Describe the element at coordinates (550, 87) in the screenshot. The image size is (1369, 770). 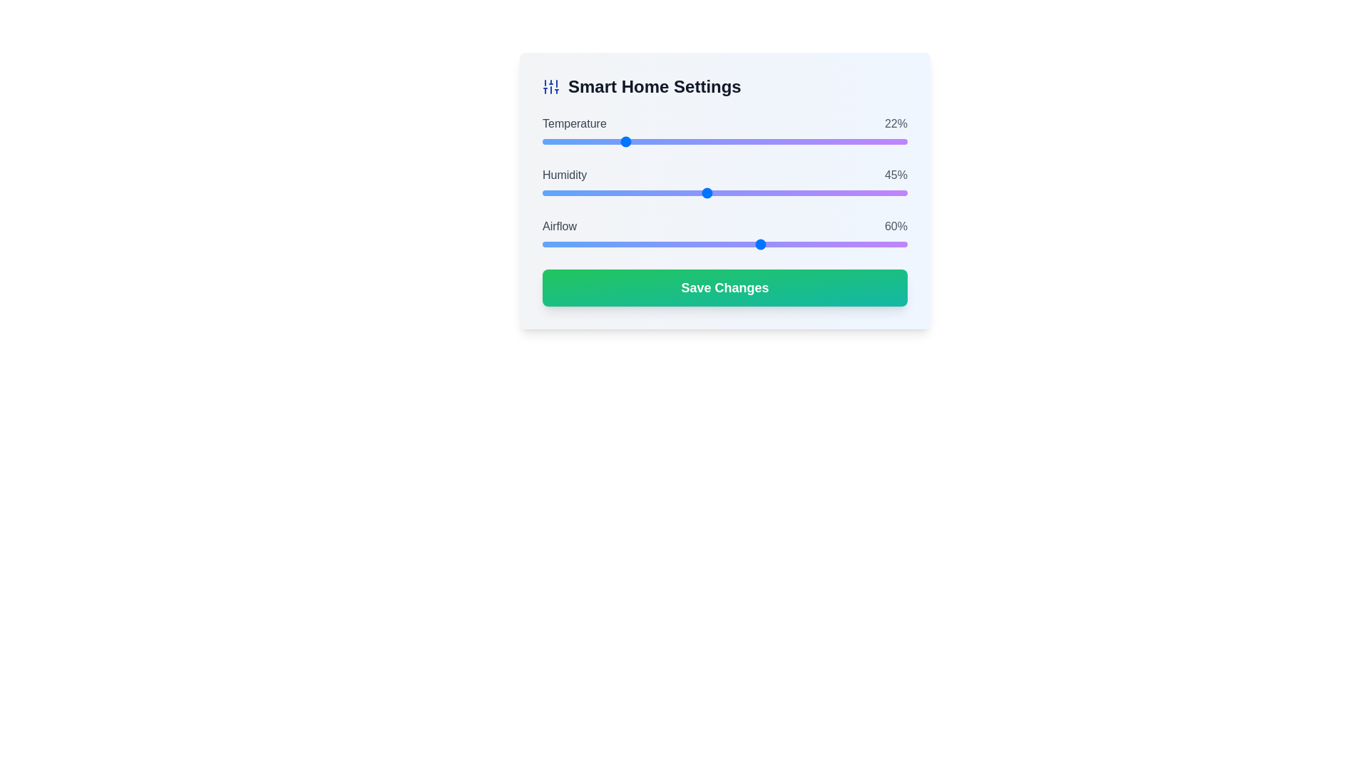
I see `the small vertical sliders icon styled in blue color located to the left of the text 'Smart Home Settings' in the header section` at that location.